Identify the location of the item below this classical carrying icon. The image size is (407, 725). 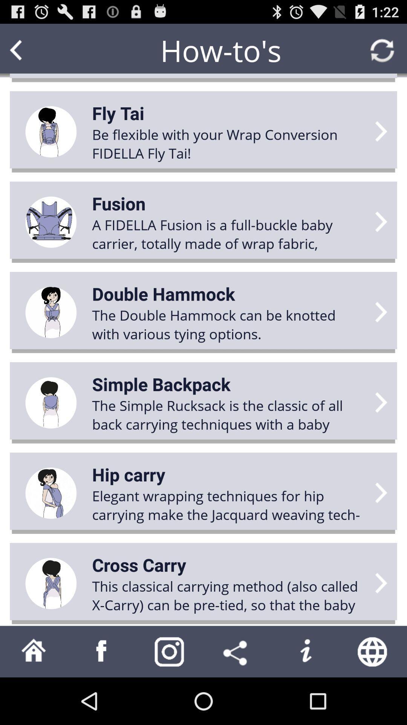
(373, 651).